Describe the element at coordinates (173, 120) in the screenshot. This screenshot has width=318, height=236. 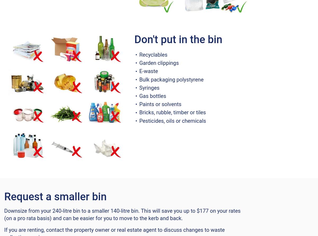
I see `'Pesticides, oils or chemicals'` at that location.